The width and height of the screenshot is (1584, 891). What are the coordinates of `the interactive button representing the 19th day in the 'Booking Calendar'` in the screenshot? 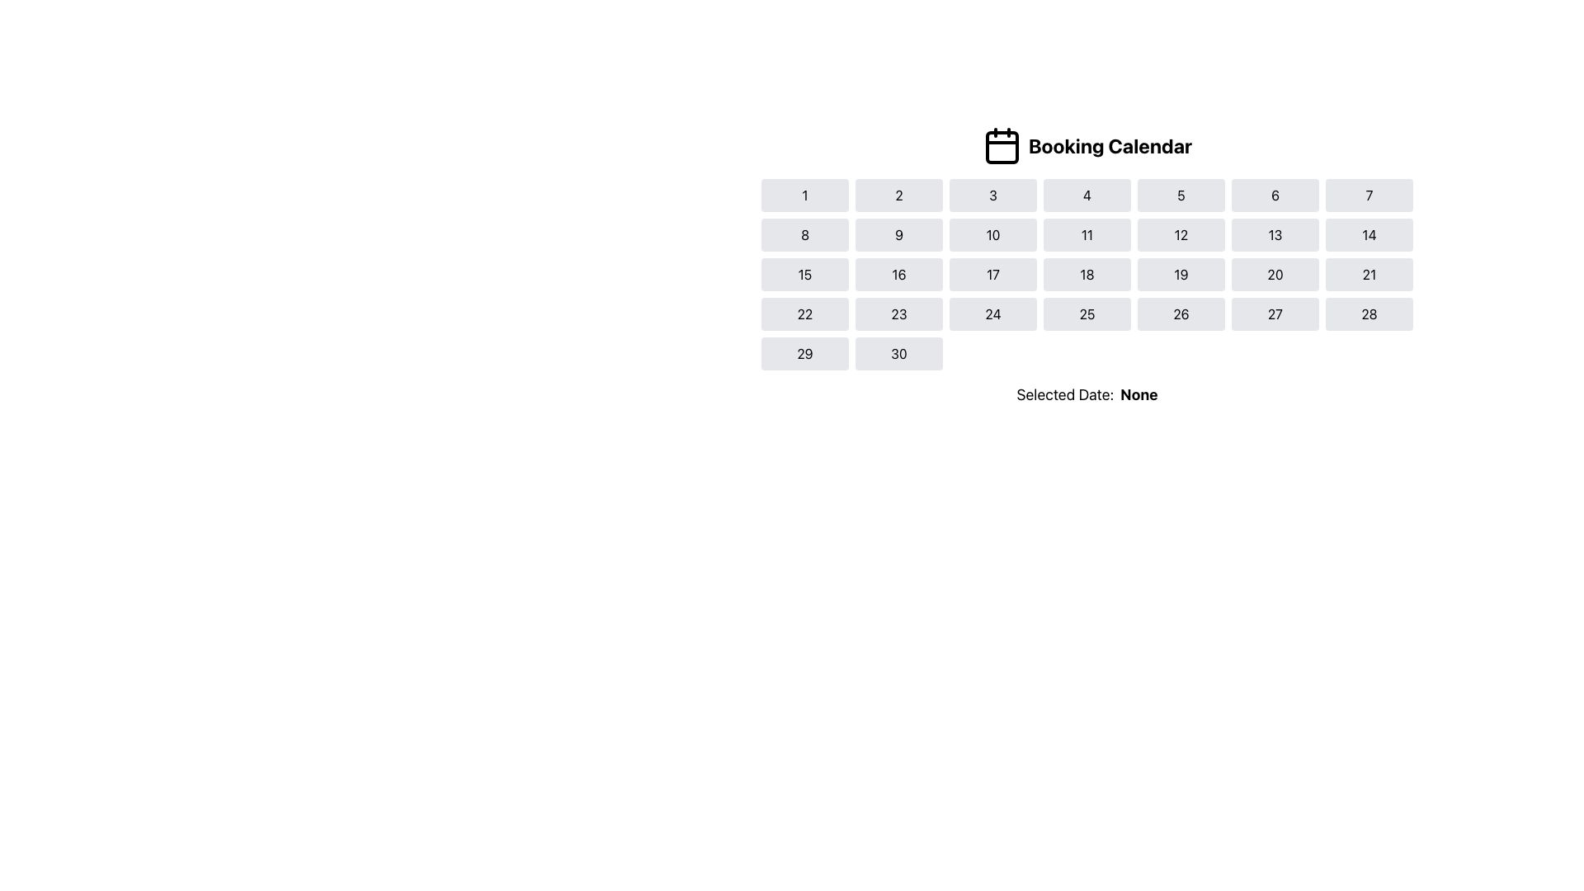 It's located at (1180, 273).